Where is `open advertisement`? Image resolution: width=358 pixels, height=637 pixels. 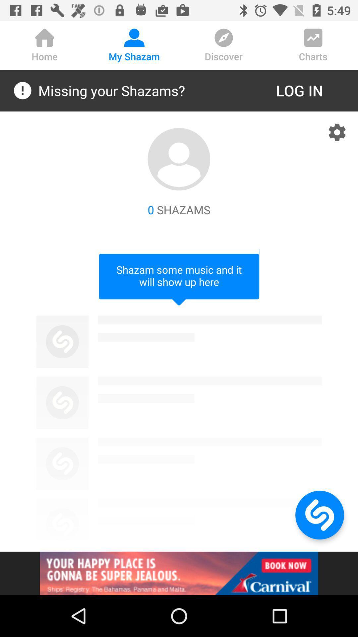
open advertisement is located at coordinates (179, 573).